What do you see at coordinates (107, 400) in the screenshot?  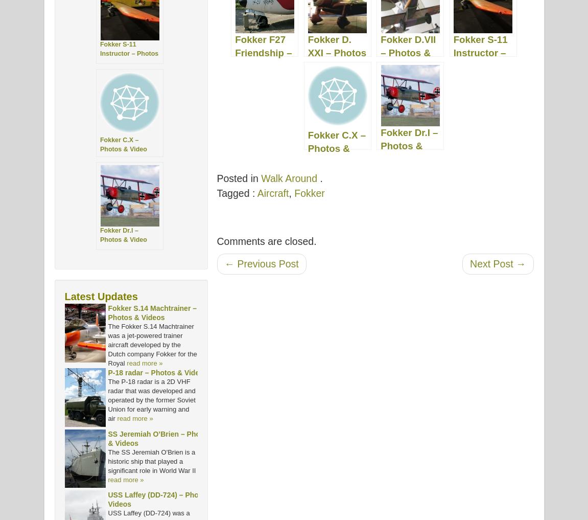 I see `'The P-18 radar is a 2D VHF radar that was developed and operated by the former Soviet Union for early warning and air'` at bounding box center [107, 400].